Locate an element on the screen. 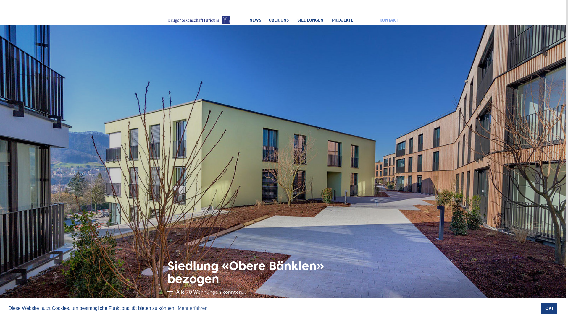 This screenshot has height=319, width=568. 'OK!' is located at coordinates (541, 308).